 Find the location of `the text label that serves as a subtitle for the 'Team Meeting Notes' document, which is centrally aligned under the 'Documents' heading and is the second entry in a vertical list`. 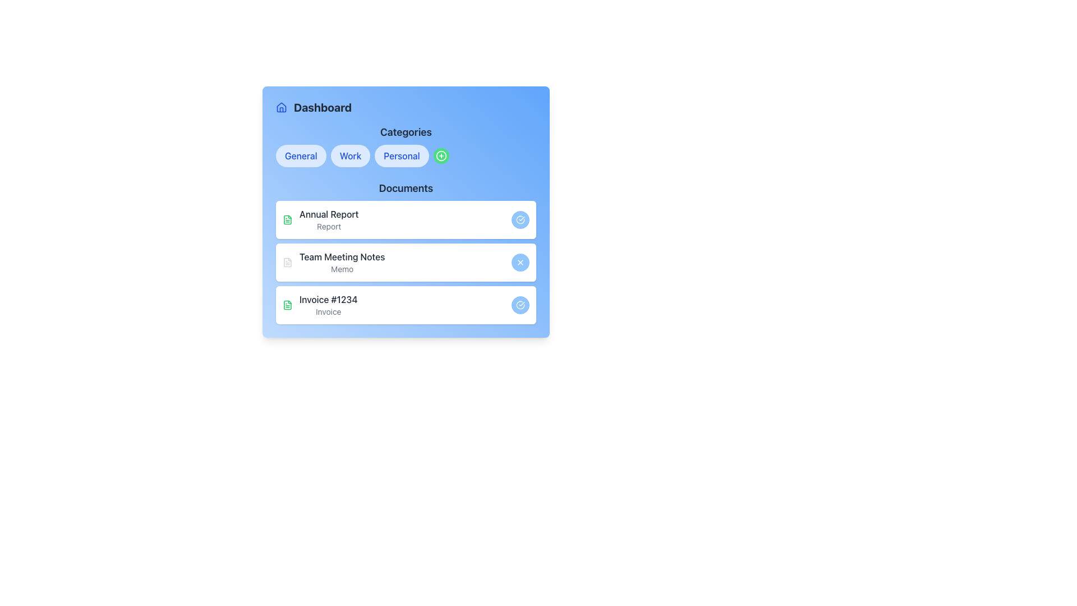

the text label that serves as a subtitle for the 'Team Meeting Notes' document, which is centrally aligned under the 'Documents' heading and is the second entry in a vertical list is located at coordinates (342, 269).